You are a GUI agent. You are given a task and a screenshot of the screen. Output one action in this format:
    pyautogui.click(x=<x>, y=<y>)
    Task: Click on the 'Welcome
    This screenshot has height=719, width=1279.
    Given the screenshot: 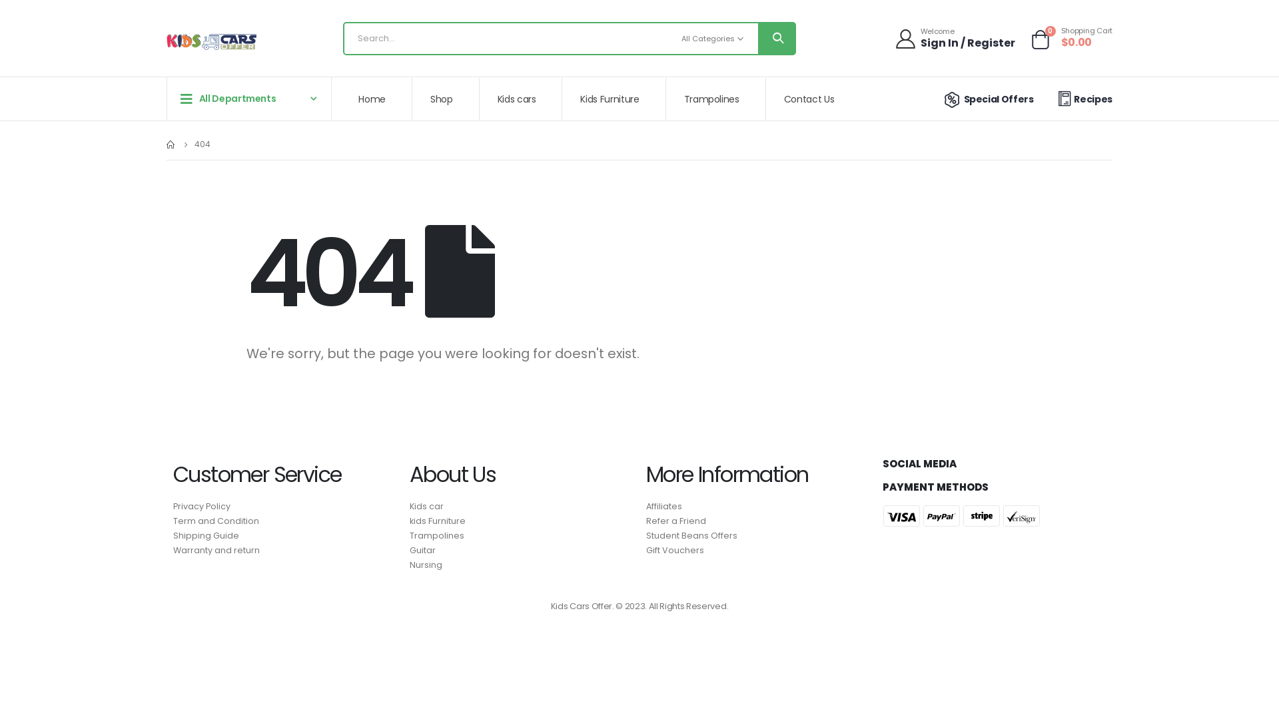 What is the action you would take?
    pyautogui.click(x=955, y=37)
    